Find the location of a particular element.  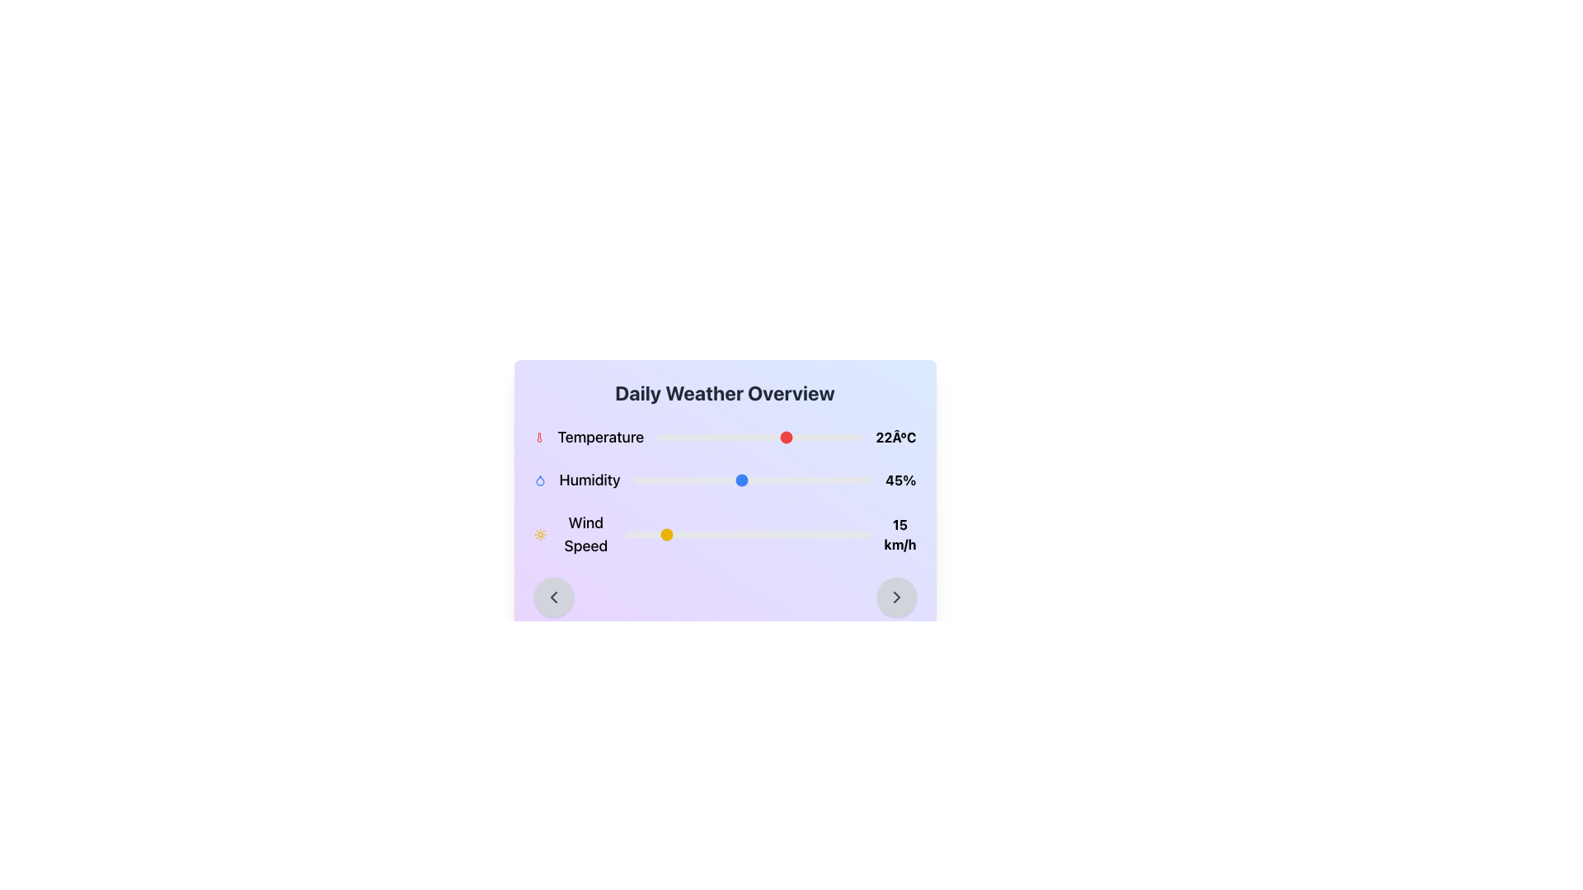

the text display showing '15 km/h' which is located at the end of the 'Wind Speed' slider, positioned on the far right side of the group is located at coordinates (899, 534).